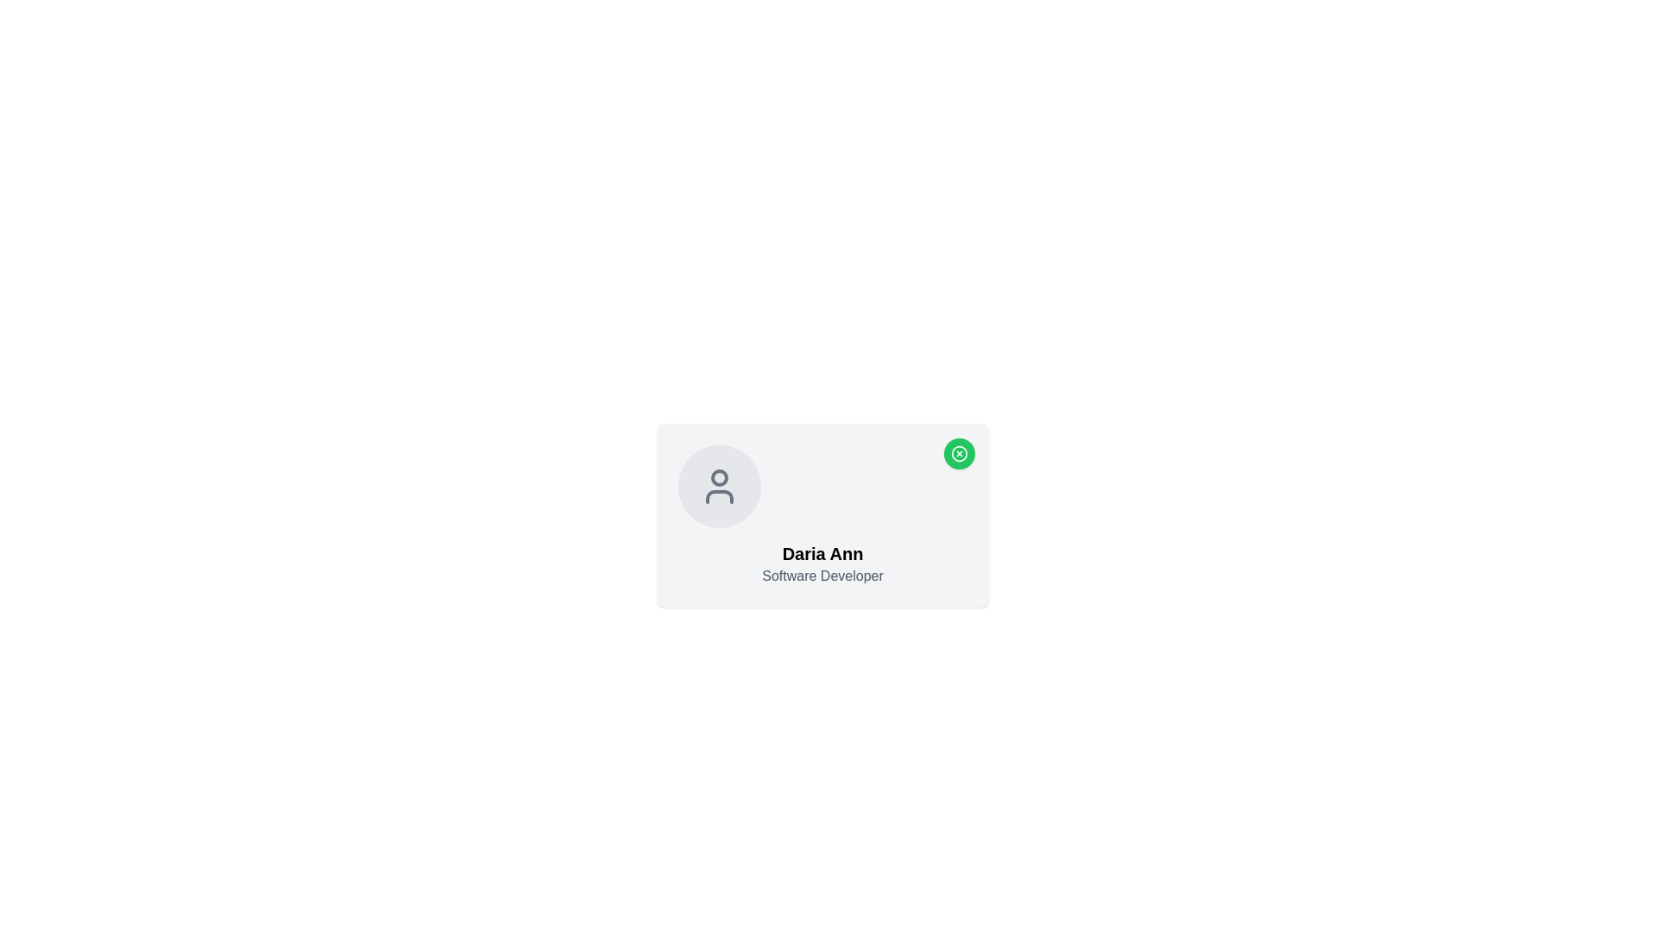 The height and width of the screenshot is (932, 1657). Describe the element at coordinates (822, 514) in the screenshot. I see `textual information from the Card component, which includes the name and role description located within the rectangular card with a green circular button at the top right corner` at that location.